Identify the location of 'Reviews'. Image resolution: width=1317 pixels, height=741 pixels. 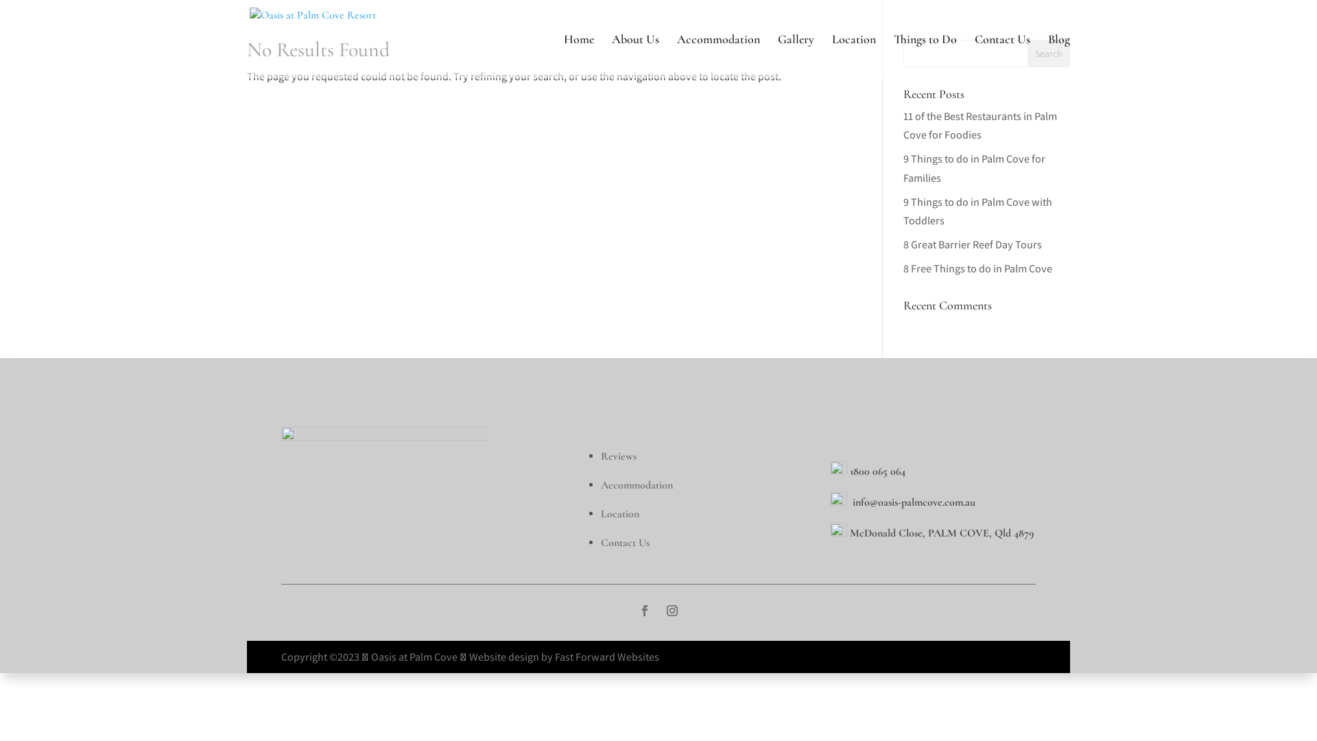
(618, 455).